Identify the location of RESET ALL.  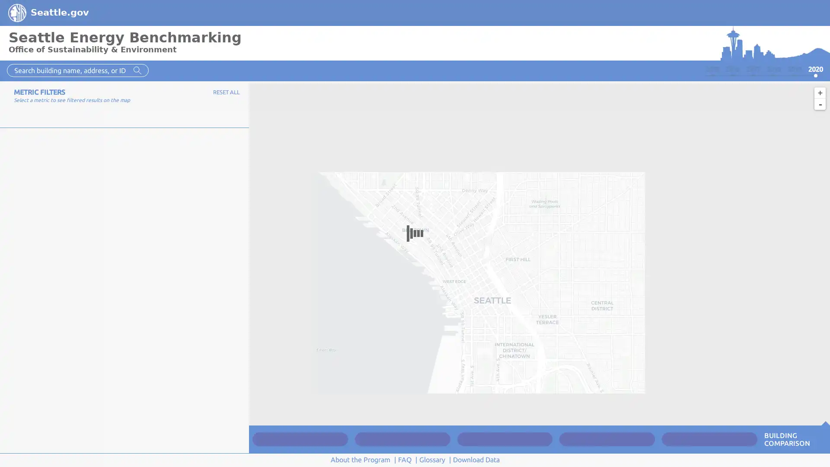
(226, 92).